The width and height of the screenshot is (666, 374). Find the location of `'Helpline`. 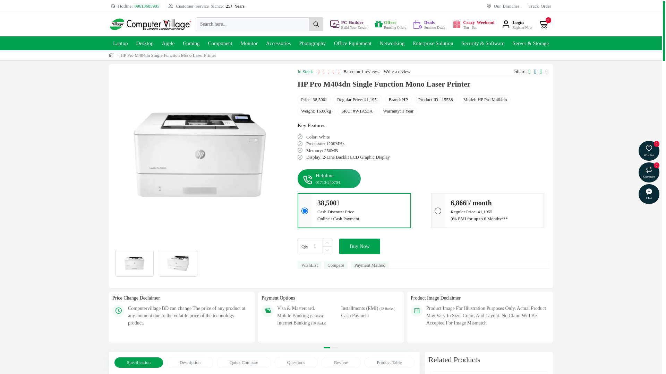

'Helpline is located at coordinates (328, 178).